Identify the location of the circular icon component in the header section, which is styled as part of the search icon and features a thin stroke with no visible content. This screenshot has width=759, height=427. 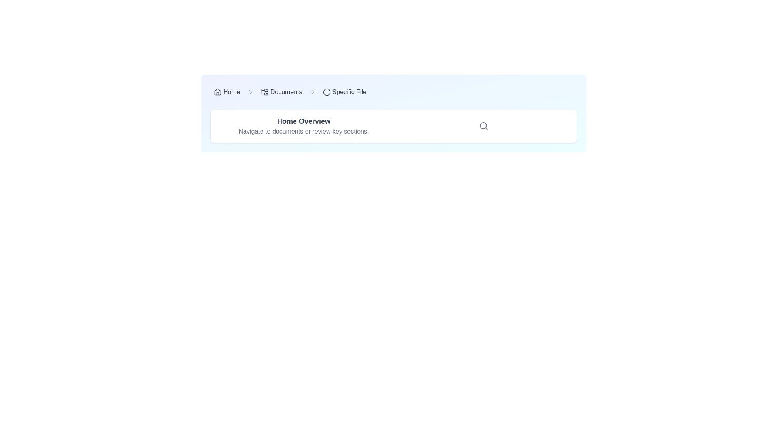
(483, 125).